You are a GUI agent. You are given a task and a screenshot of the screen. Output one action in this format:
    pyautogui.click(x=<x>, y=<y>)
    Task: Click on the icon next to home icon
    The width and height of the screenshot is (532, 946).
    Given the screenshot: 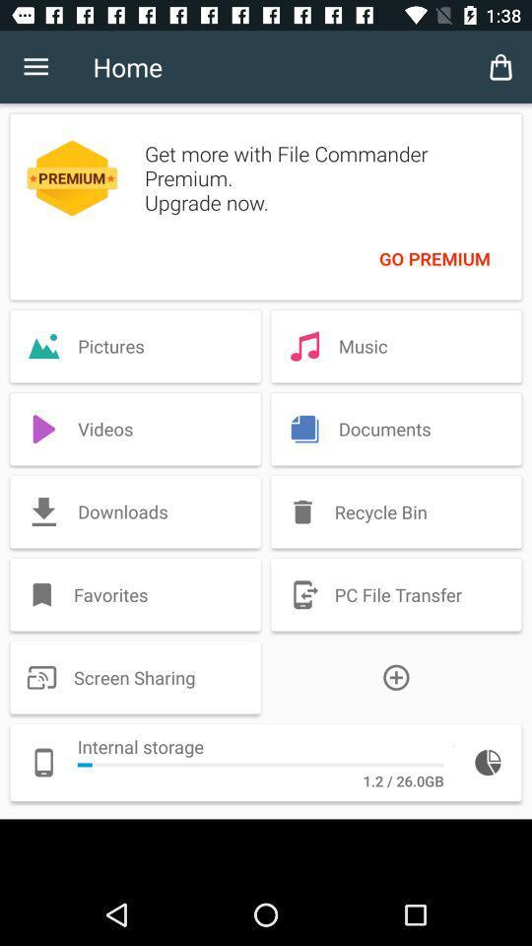 What is the action you would take?
    pyautogui.click(x=35, y=67)
    